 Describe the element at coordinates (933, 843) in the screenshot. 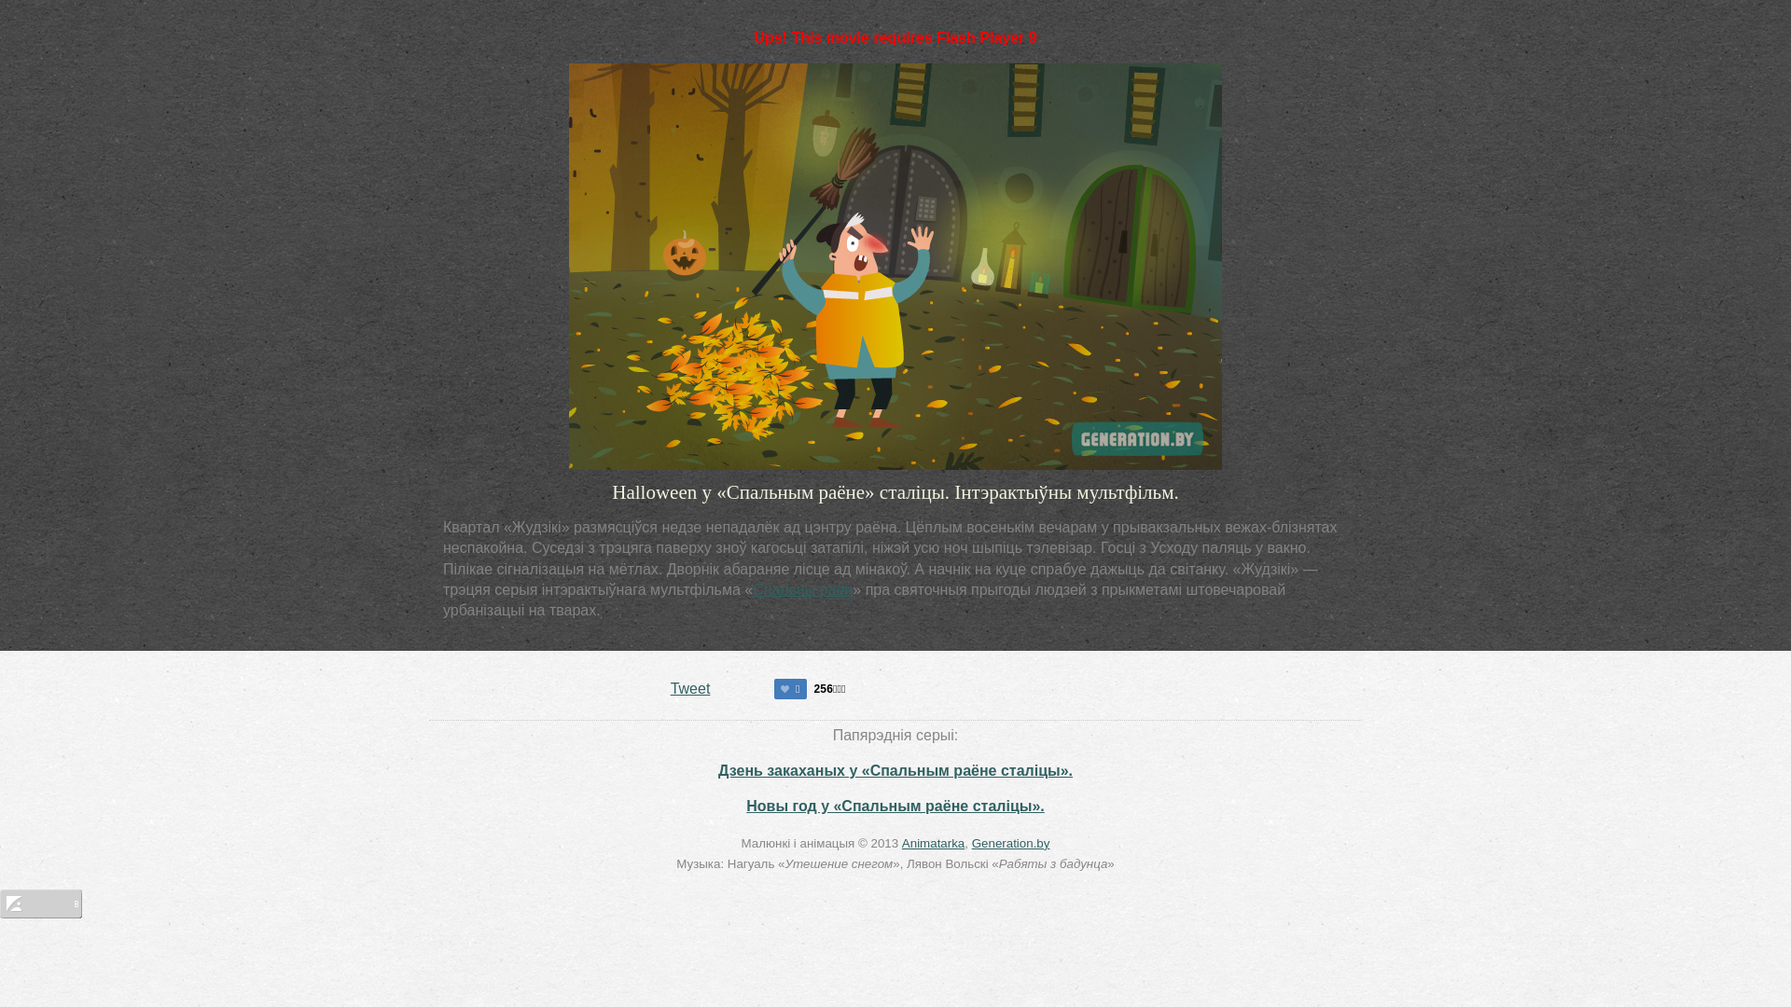

I see `'Animatarka'` at that location.